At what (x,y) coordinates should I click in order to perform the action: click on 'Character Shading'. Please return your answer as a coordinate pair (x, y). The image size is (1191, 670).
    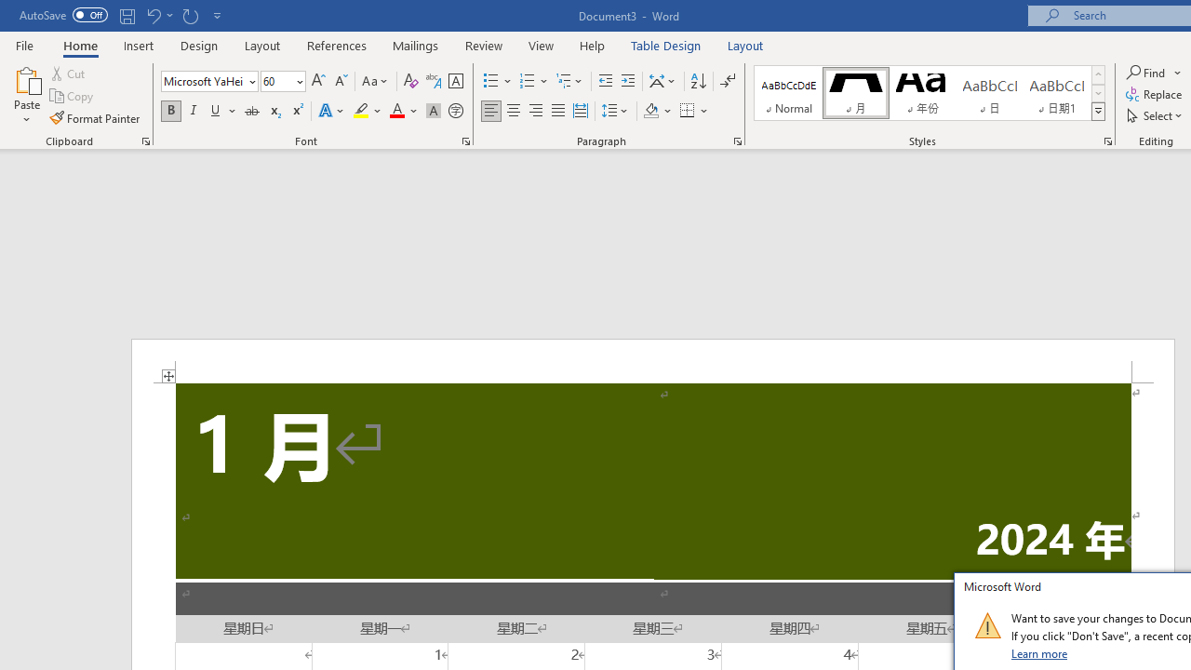
    Looking at the image, I should click on (432, 111).